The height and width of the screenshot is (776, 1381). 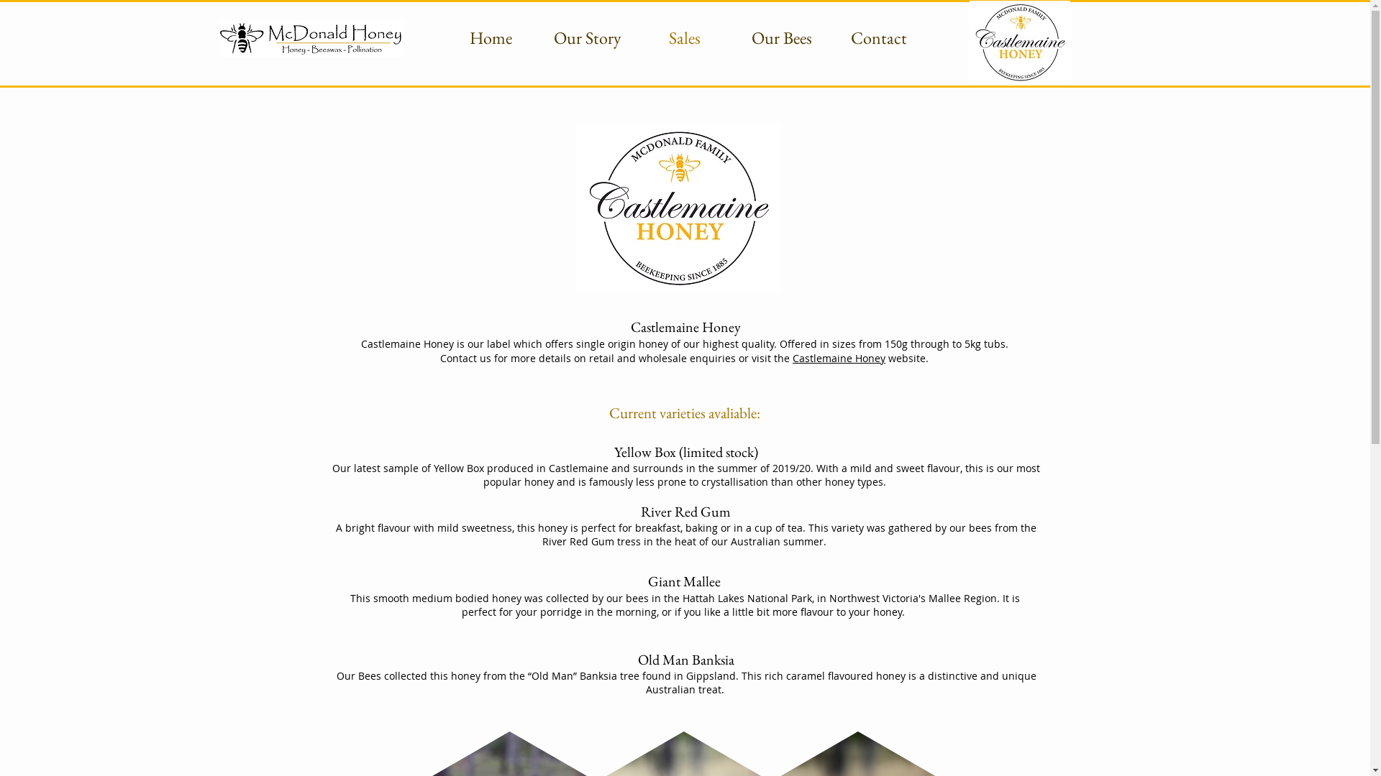 What do you see at coordinates (792, 357) in the screenshot?
I see `'Castlemaine Honey'` at bounding box center [792, 357].